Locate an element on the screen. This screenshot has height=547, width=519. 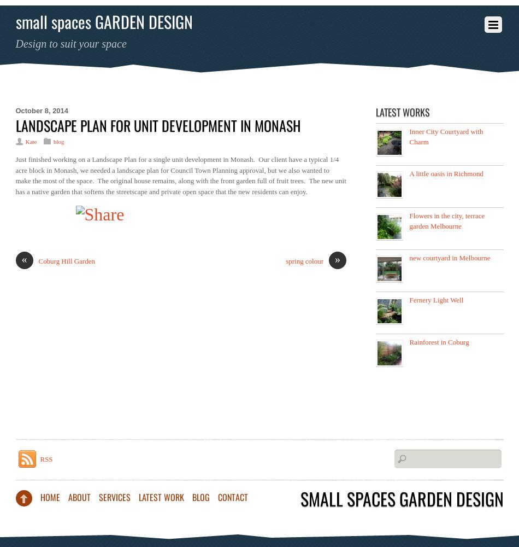
'Inner City Courtyard with Charm' is located at coordinates (445, 136).